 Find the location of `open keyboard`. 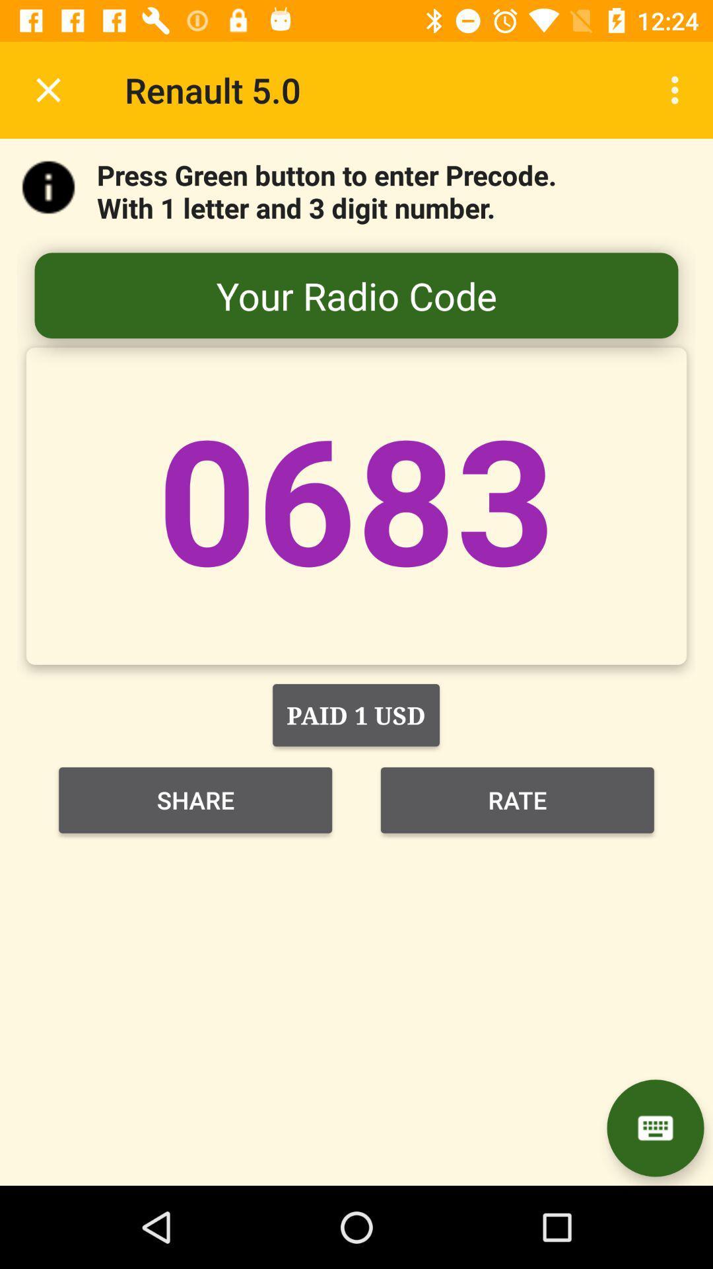

open keyboard is located at coordinates (655, 1128).